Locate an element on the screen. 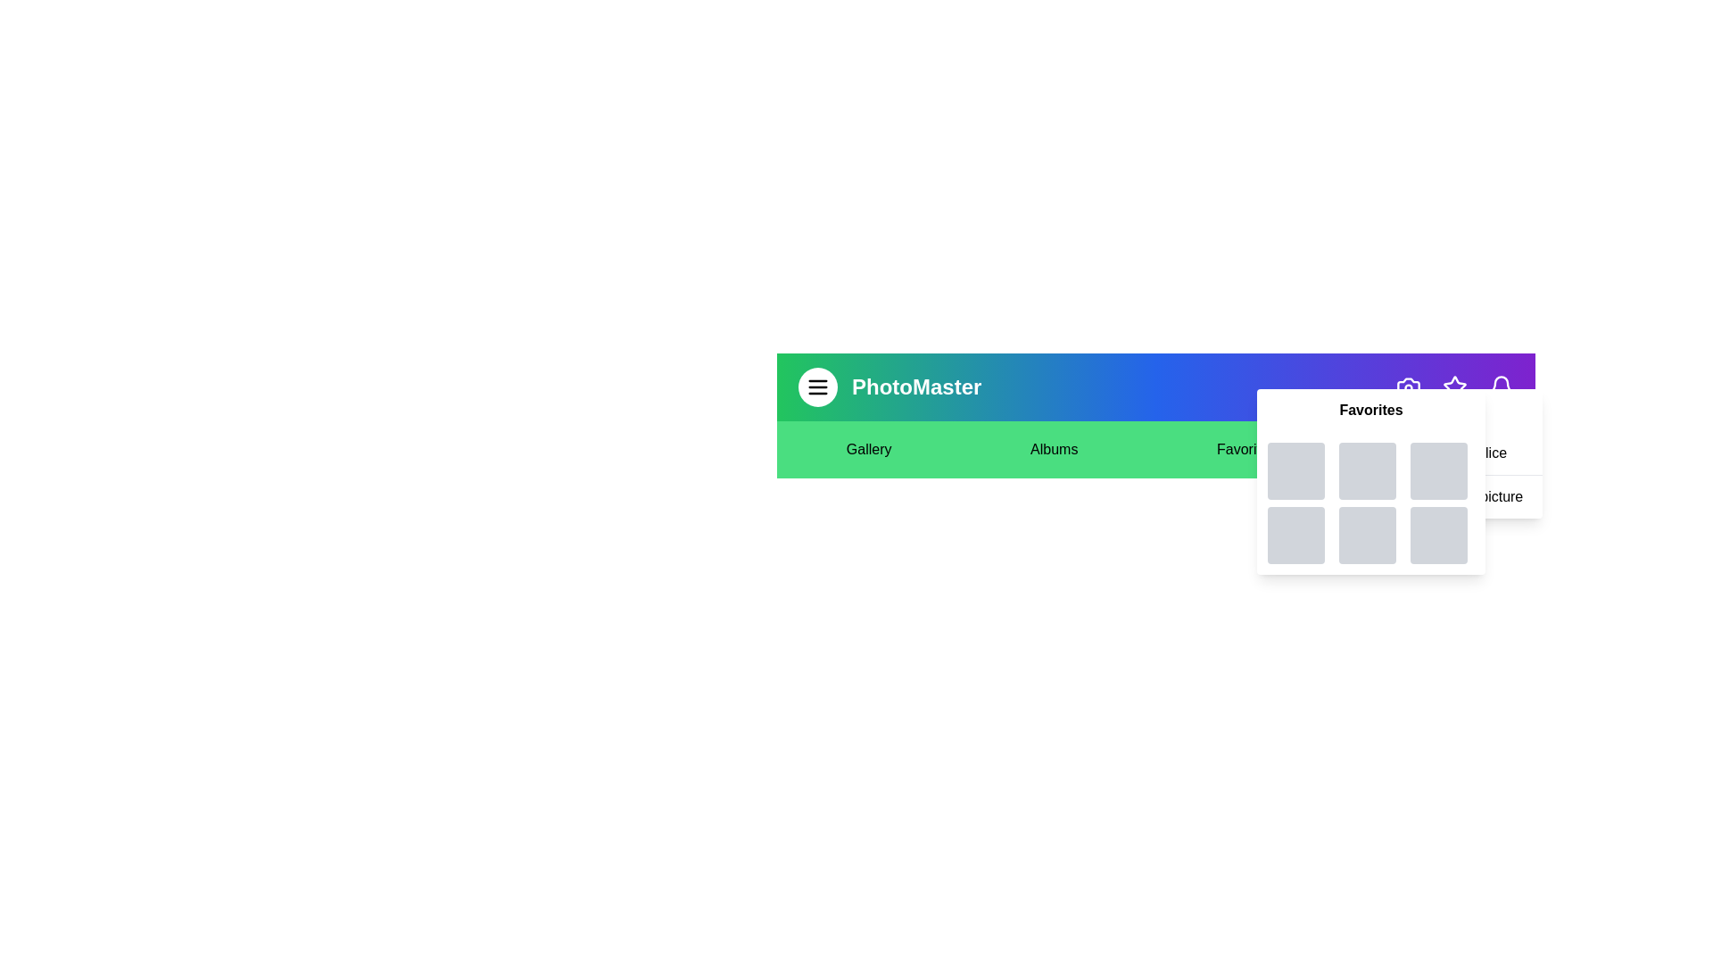 This screenshot has height=964, width=1713. the text element Gallery to select it is located at coordinates (869, 449).